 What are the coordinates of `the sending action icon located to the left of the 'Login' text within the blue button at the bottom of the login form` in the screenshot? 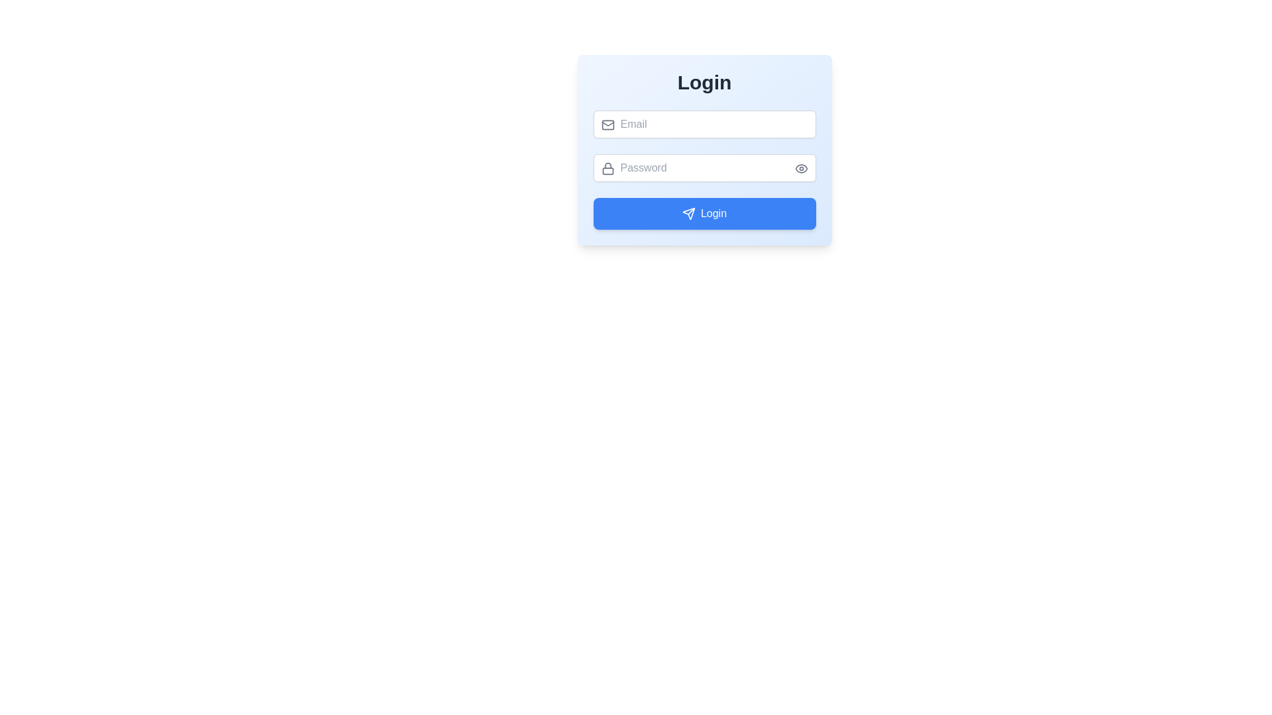 It's located at (688, 213).